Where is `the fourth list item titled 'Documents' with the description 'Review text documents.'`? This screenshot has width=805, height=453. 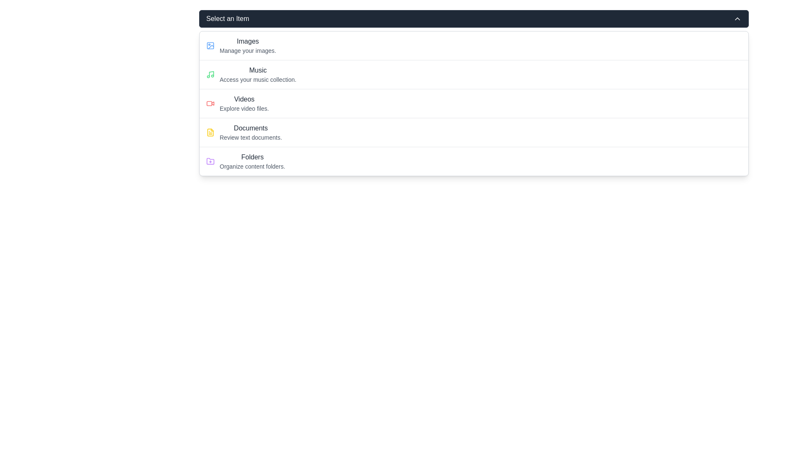
the fourth list item titled 'Documents' with the description 'Review text documents.' is located at coordinates (250, 132).